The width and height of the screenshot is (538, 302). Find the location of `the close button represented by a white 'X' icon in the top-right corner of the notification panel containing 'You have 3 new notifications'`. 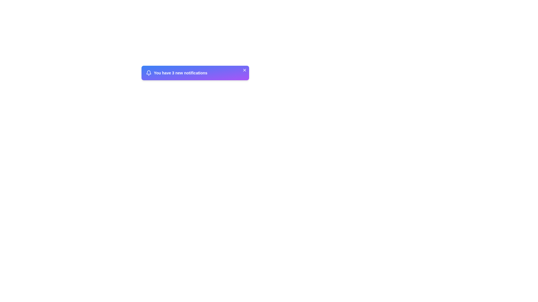

the close button represented by a white 'X' icon in the top-right corner of the notification panel containing 'You have 3 new notifications' is located at coordinates (245, 70).